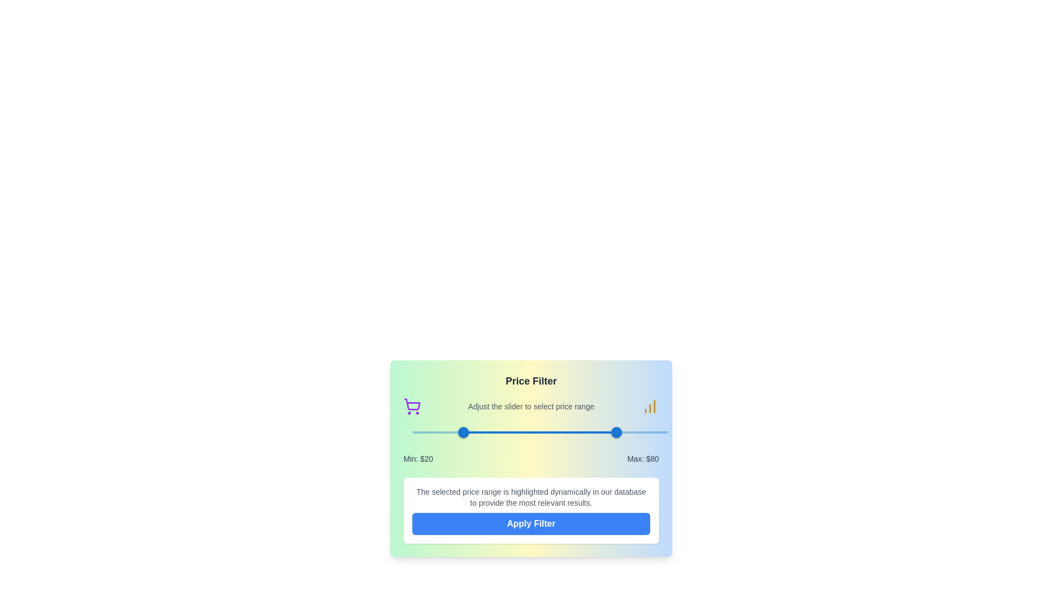 This screenshot has height=595, width=1057. What do you see at coordinates (412, 404) in the screenshot?
I see `the main body of the shopping cart icon, which is a rounded rectangle with a slanted bottom edge, located in the top left corner of the Price Filter card interface` at bounding box center [412, 404].